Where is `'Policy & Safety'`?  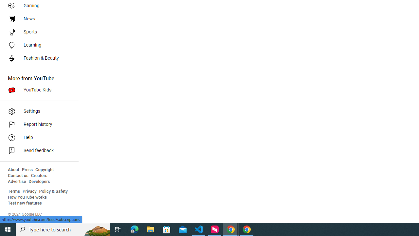 'Policy & Safety' is located at coordinates (53, 191).